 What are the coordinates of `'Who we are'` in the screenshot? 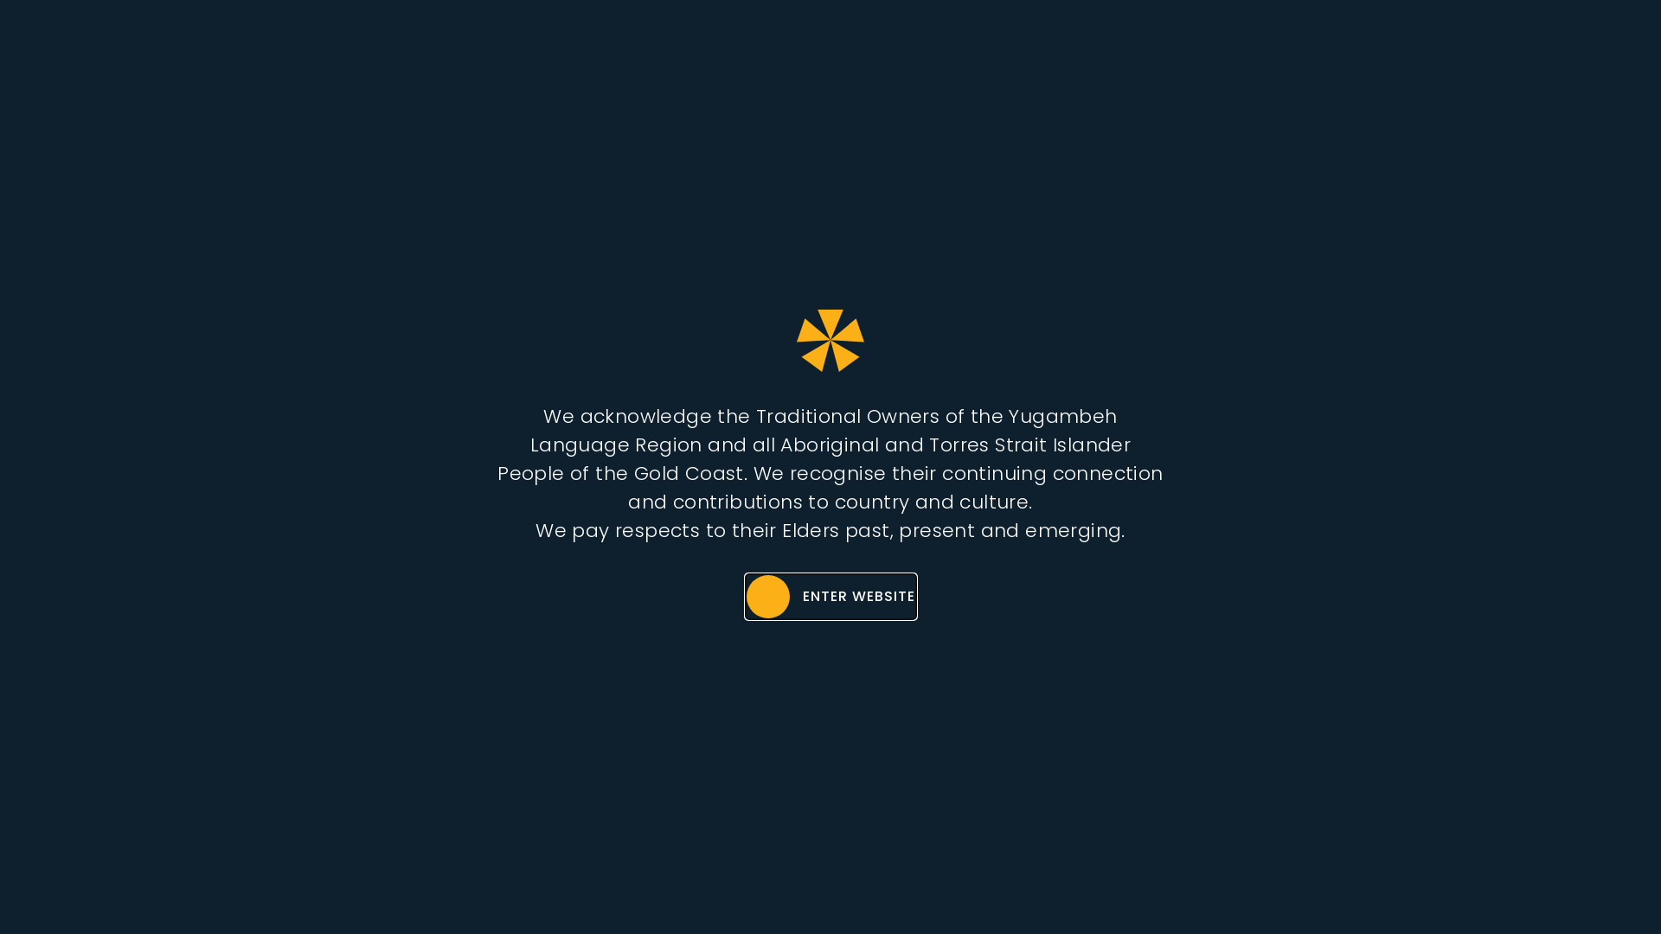 It's located at (839, 49).